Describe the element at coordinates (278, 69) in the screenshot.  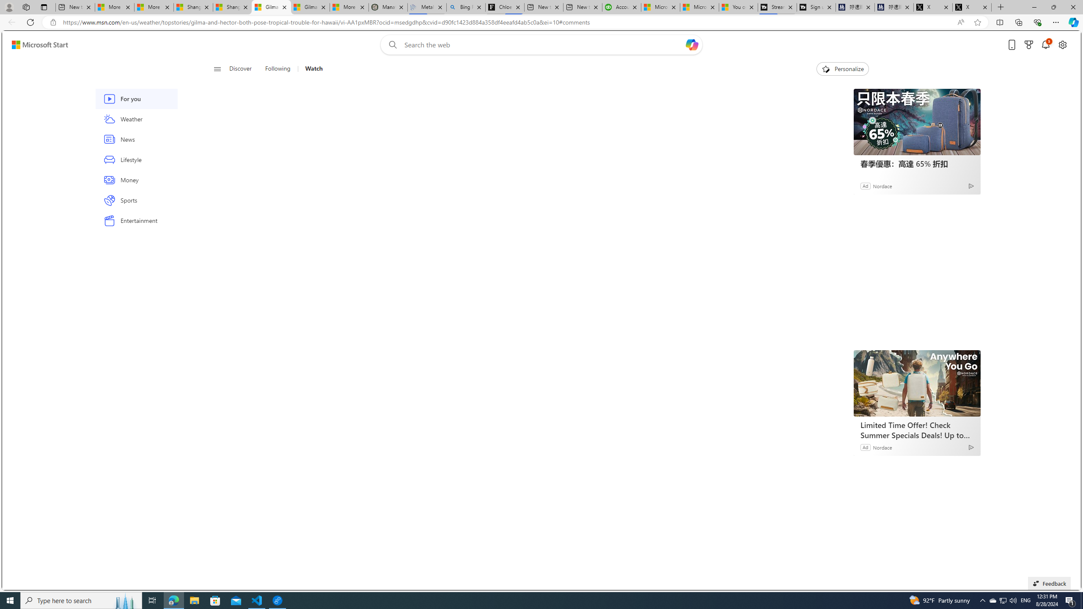
I see `'Following'` at that location.